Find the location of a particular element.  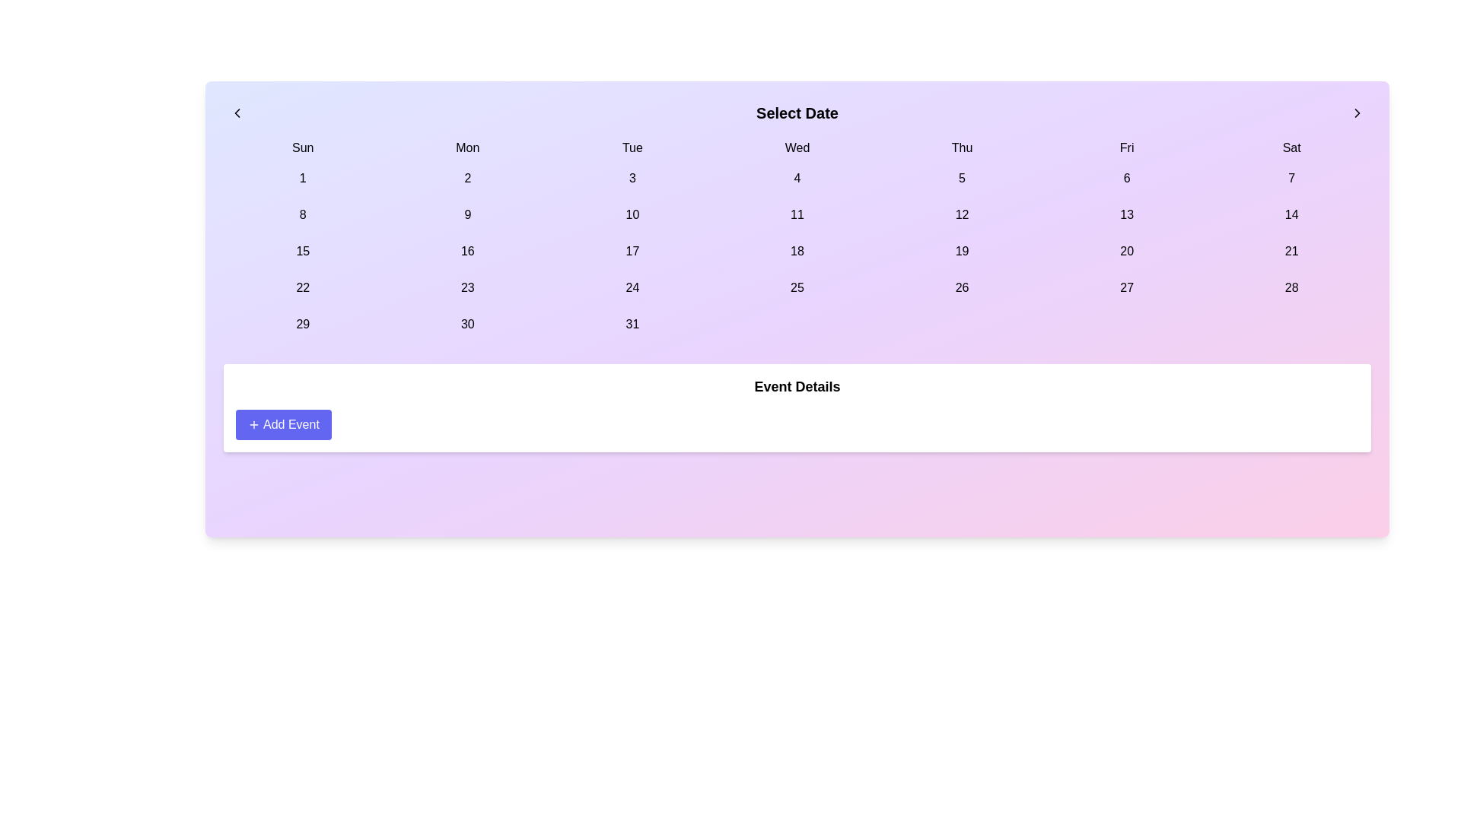

the button displaying '31' is located at coordinates (632, 324).